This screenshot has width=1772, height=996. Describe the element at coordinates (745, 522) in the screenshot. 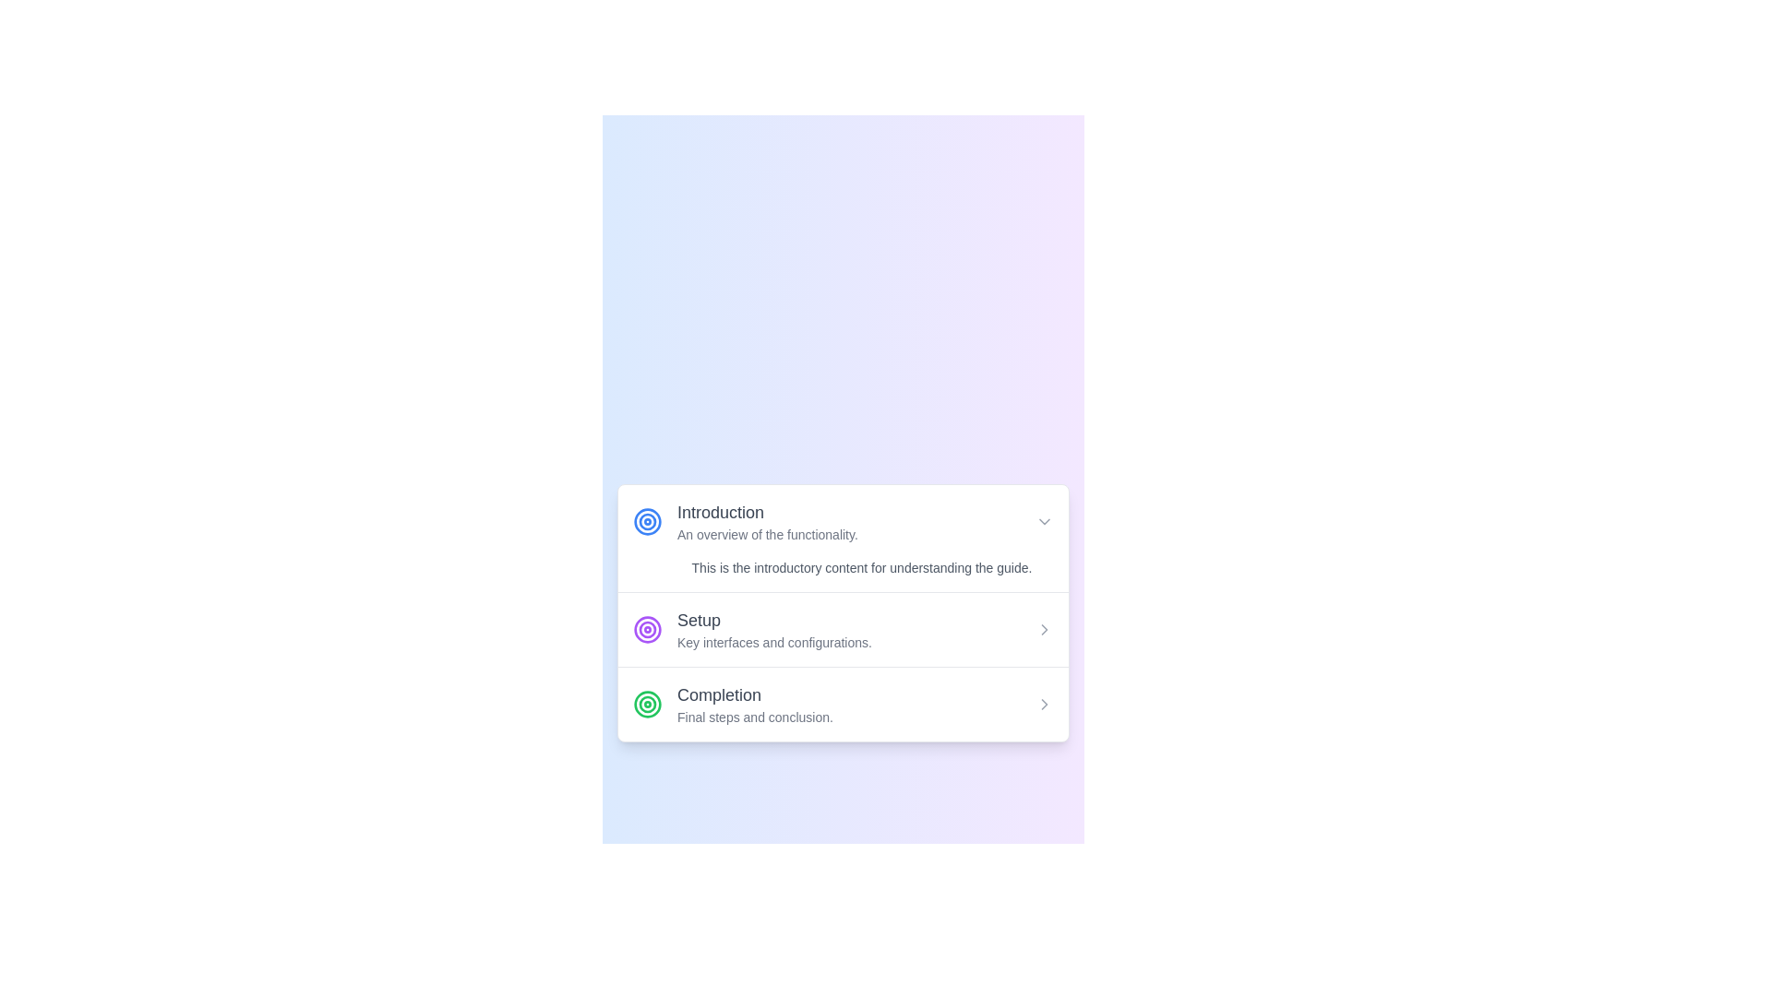

I see `displayed text from the combination of a blue target-shaped icon and the text 'Introduction' with the description 'An overview of the functionality.'` at that location.